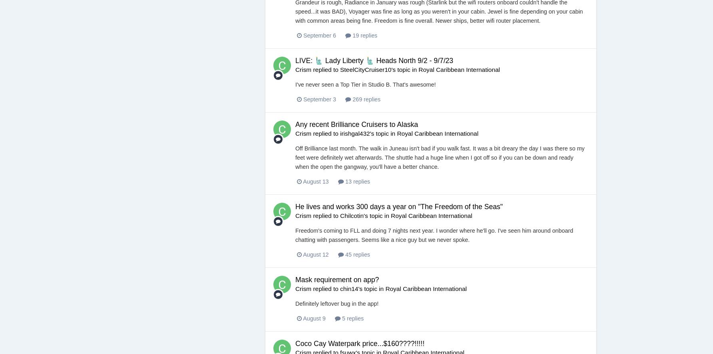 The image size is (713, 354). Describe the element at coordinates (366, 99) in the screenshot. I see `'269 replies'` at that location.